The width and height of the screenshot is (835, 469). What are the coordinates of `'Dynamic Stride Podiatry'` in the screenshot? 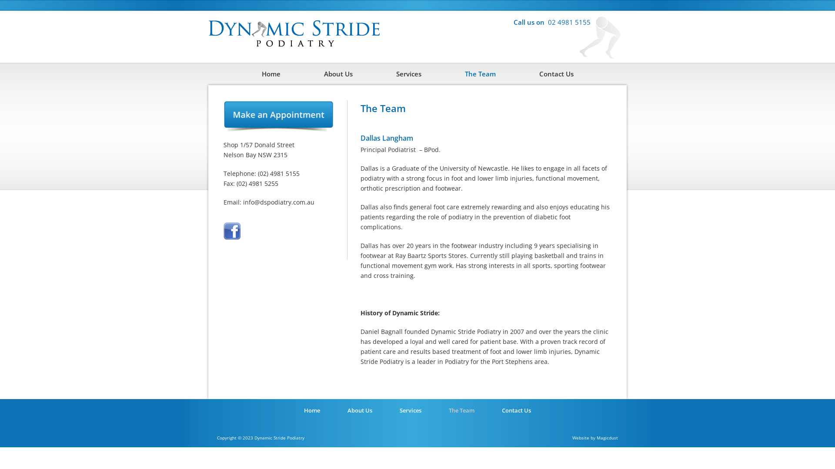 It's located at (295, 31).